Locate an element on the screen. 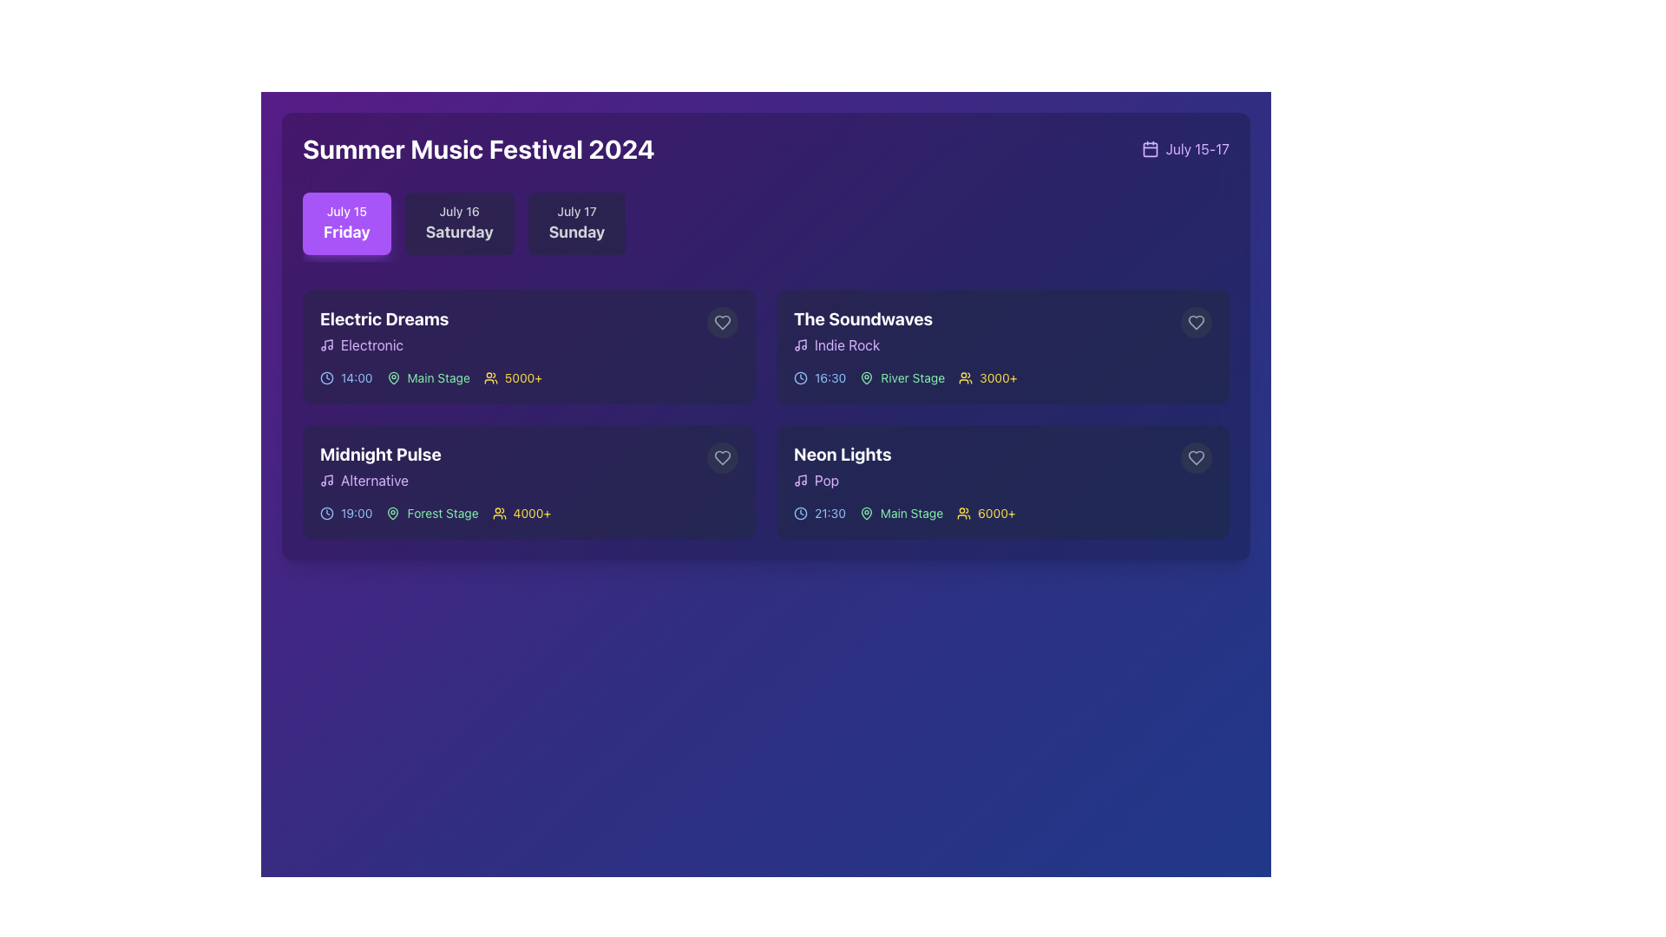 This screenshot has height=937, width=1666. the heart icon representing the 'favorite' button located in the top-right corner of the first event card for 'Electric Dreams' is located at coordinates (723, 322).